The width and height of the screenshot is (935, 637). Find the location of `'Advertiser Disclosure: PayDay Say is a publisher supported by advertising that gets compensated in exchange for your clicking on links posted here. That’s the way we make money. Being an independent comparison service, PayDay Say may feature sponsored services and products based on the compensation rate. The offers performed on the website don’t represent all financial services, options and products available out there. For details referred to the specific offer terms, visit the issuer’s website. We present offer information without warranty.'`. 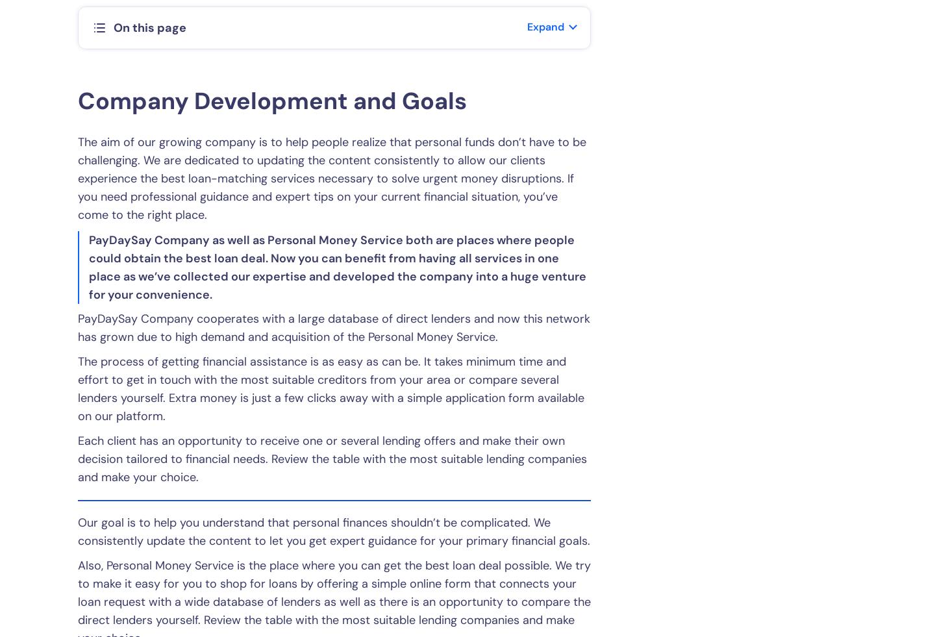

'Advertiser Disclosure: PayDay Say is a publisher supported by advertising that gets compensated in exchange for your clicking on links posted here. That’s the way we make money. Being an independent comparison service, PayDay Say may feature sponsored services and products based on the compensation rate. The offers performed on the website don’t represent all financial services, options and products available out there. For details referred to the specific offer terms, visit the issuer’s website. We present offer information without warranty.' is located at coordinates (461, 593).